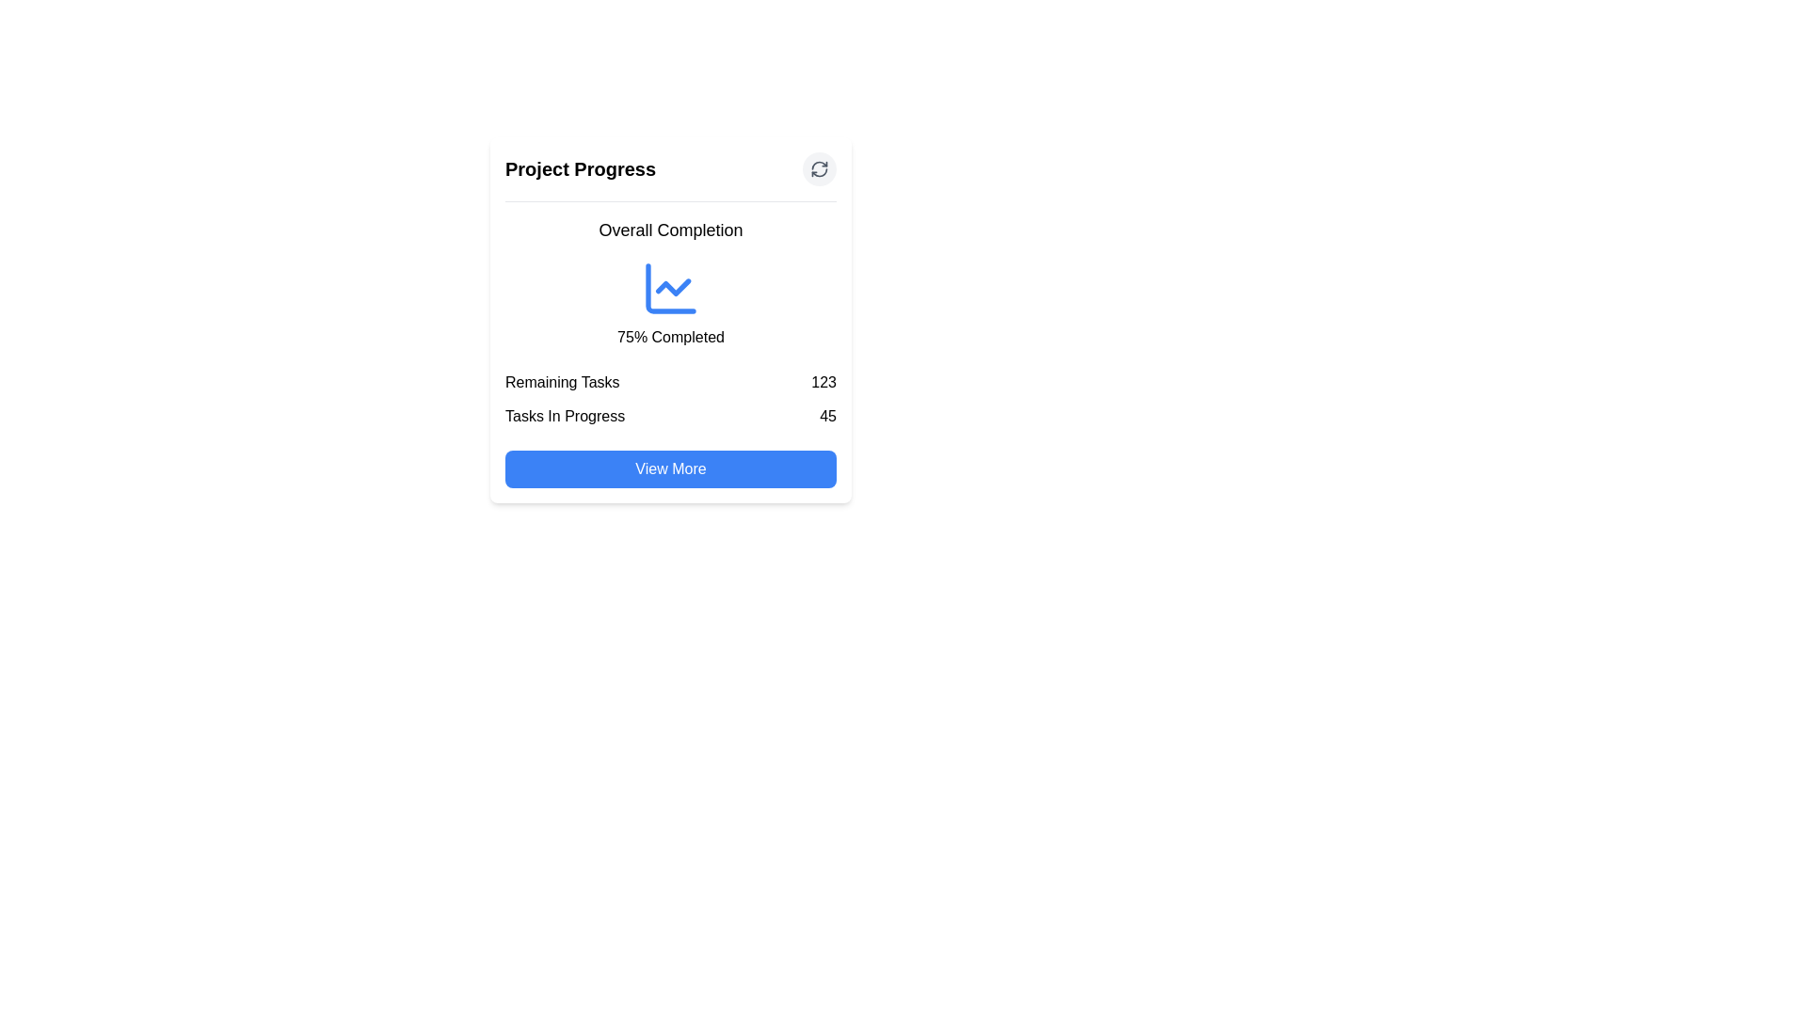  I want to click on number displayed in the text component representing '123', which is styled with a black font and located to the right of the label 'Remaining Tasks', so click(824, 382).